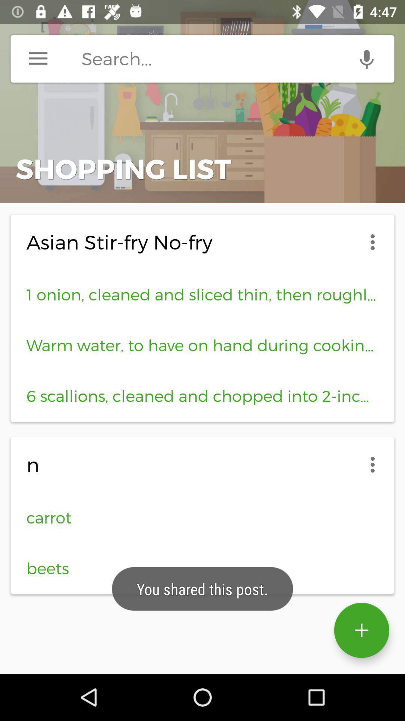  I want to click on the add icon, so click(361, 630).